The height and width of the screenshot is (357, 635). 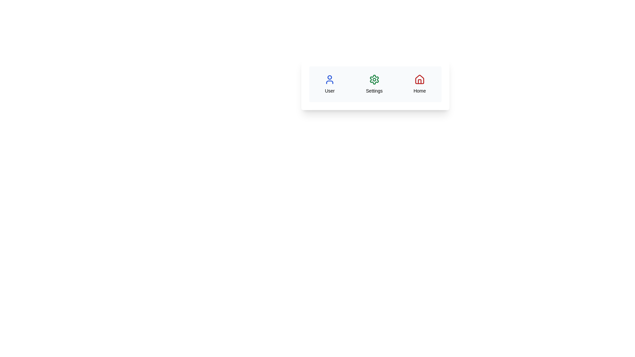 What do you see at coordinates (419, 79) in the screenshot?
I see `the red house SVG icon located above the 'Home' text` at bounding box center [419, 79].